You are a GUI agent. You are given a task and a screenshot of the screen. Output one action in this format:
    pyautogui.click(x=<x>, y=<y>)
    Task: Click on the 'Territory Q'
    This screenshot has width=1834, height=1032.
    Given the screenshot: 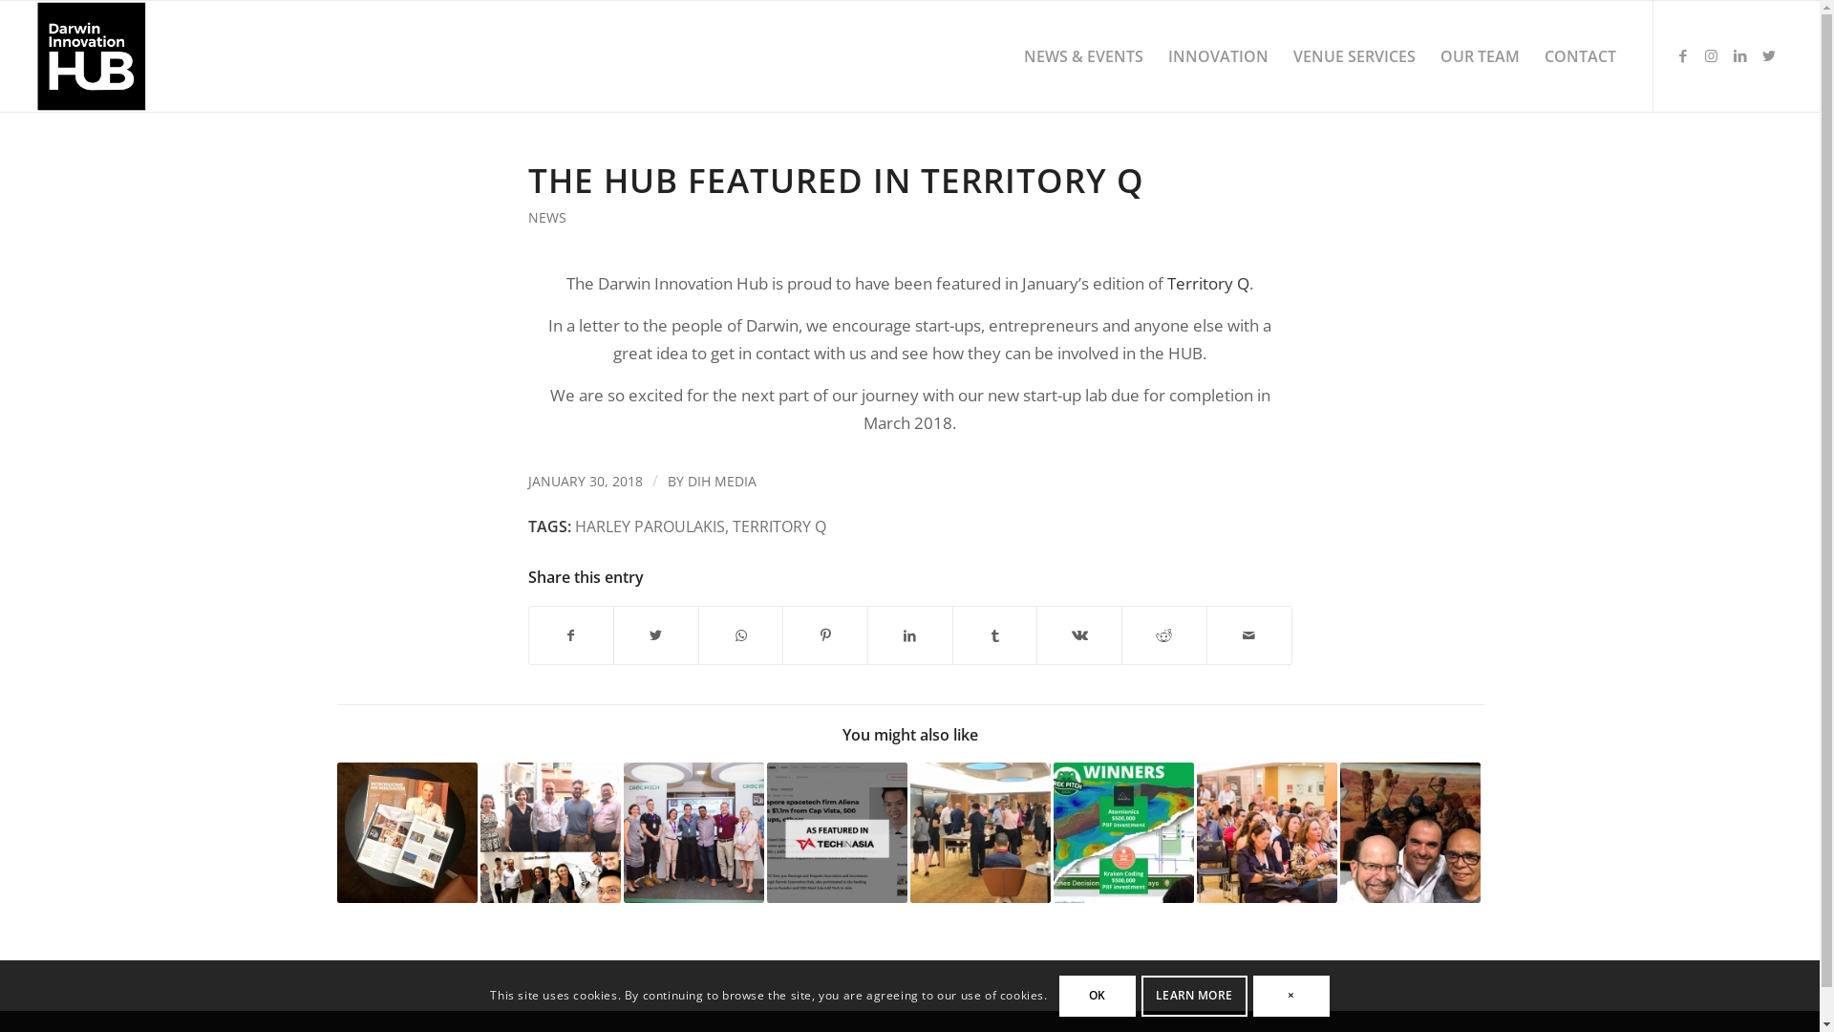 What is the action you would take?
    pyautogui.click(x=1166, y=283)
    